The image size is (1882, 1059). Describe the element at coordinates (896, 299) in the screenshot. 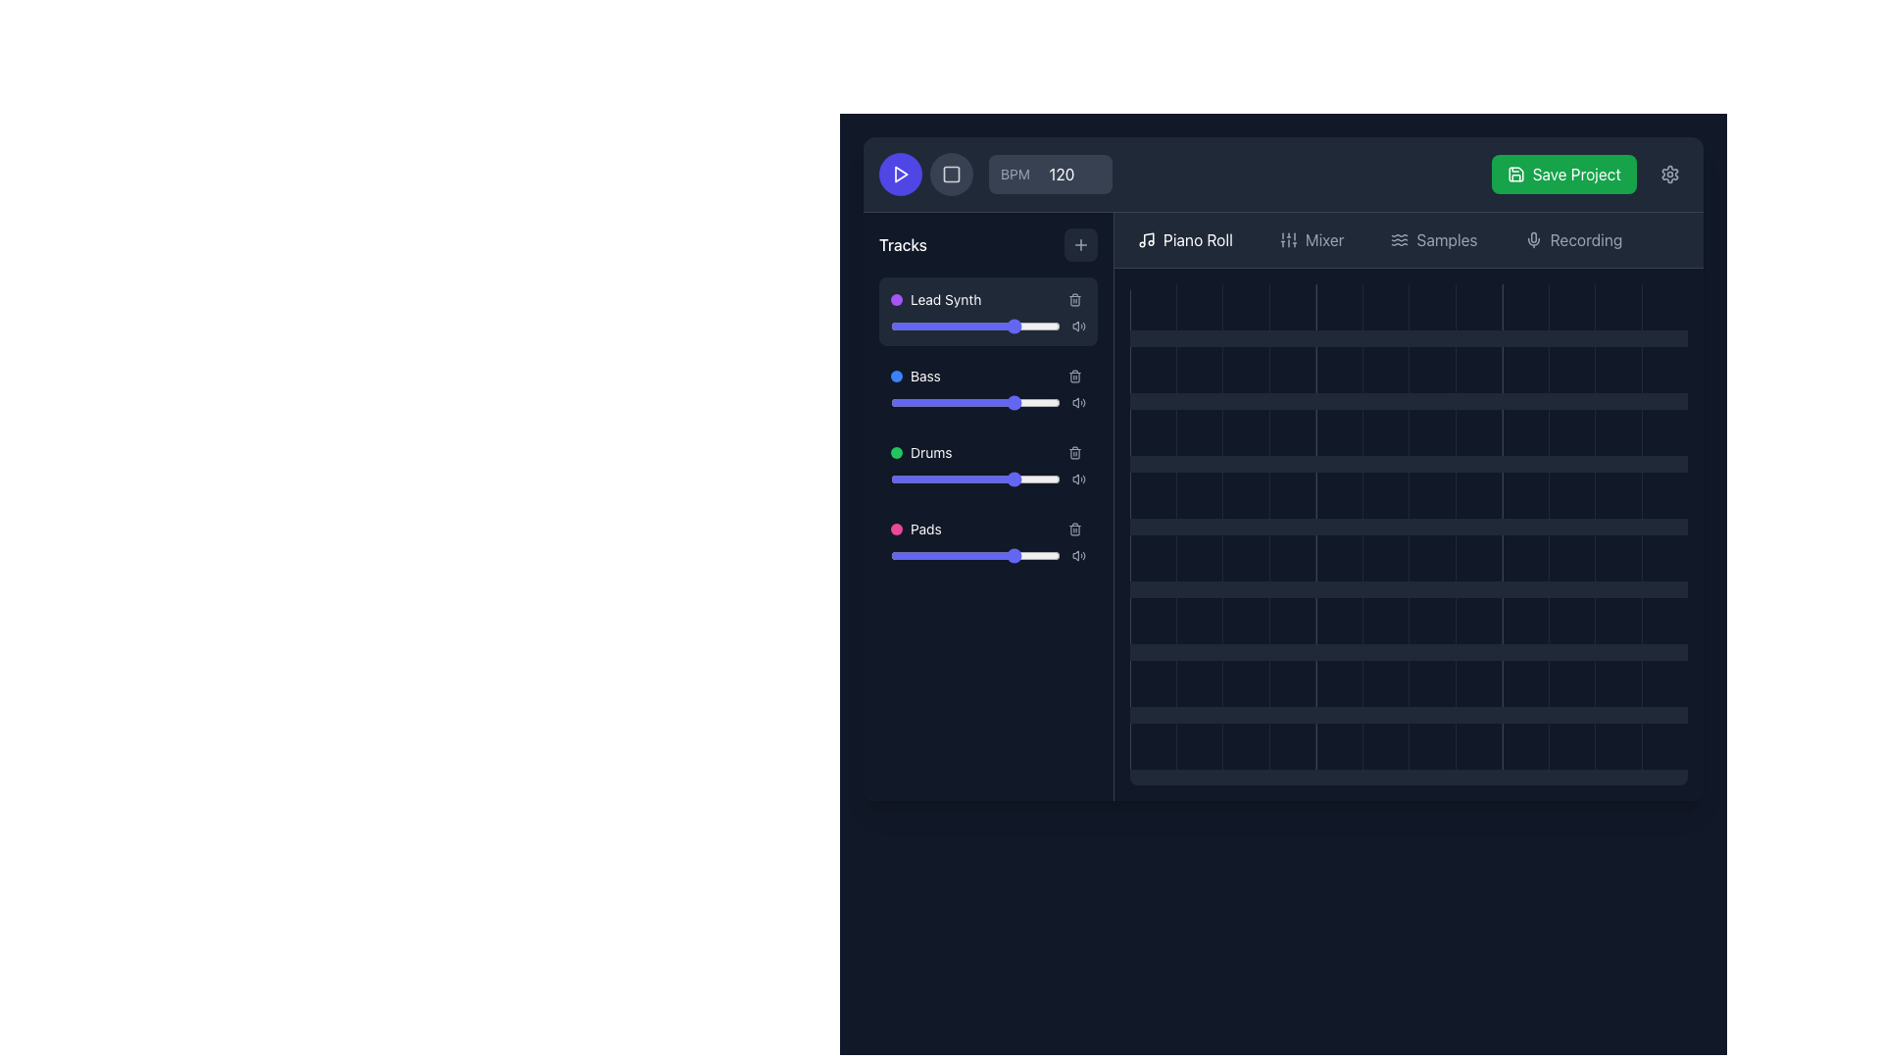

I see `the small circular icon with a purple background located adjacent to the text label 'Lead Synth'` at that location.